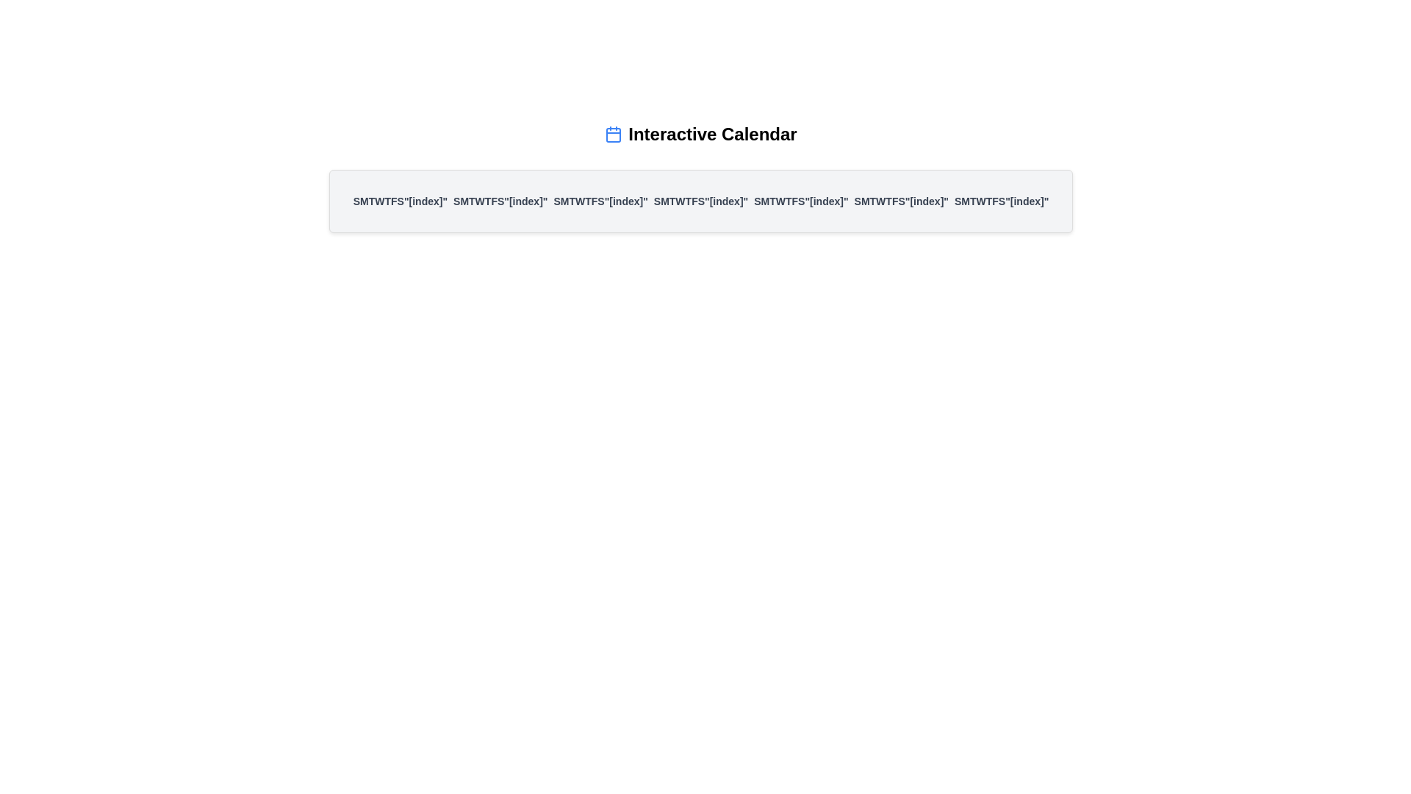 The image size is (1411, 794). I want to click on the static text label displaying 'SMTWTFS' followed by an index value in brackets, which is centrally located in a grid layout and has a light gray background, so click(800, 201).